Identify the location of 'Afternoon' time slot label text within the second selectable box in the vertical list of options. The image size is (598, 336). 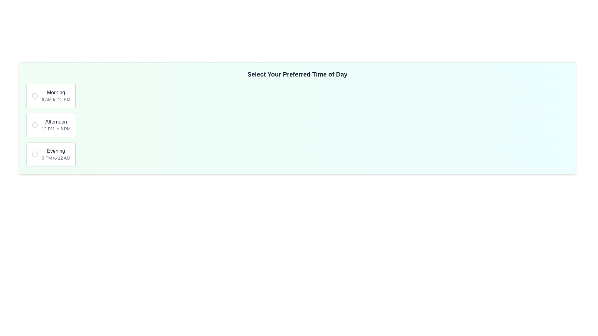
(56, 125).